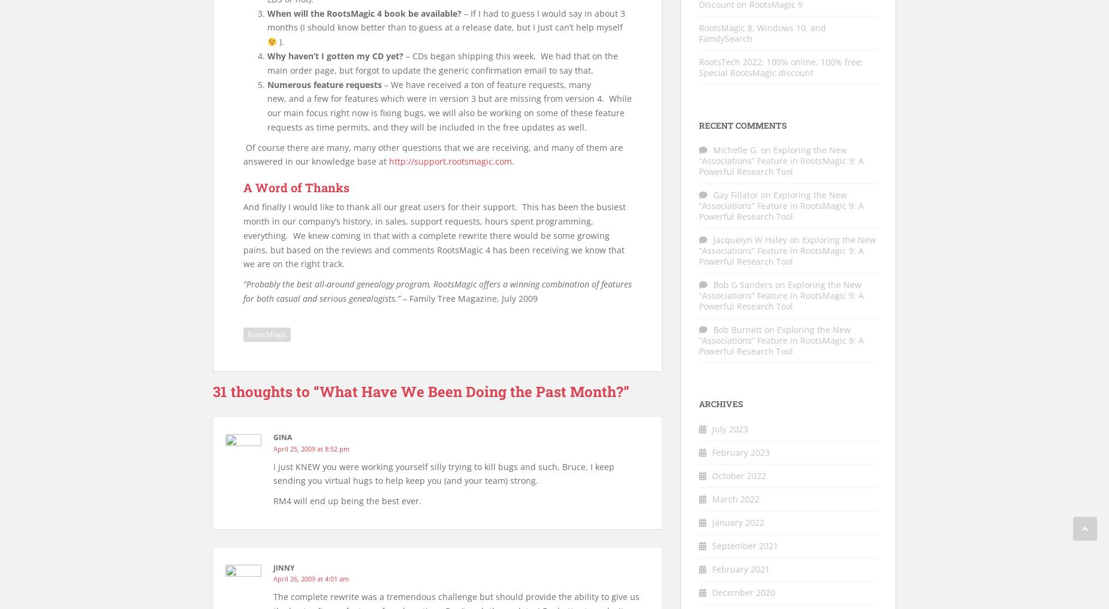  I want to click on 'RootsMagic', so click(246, 334).